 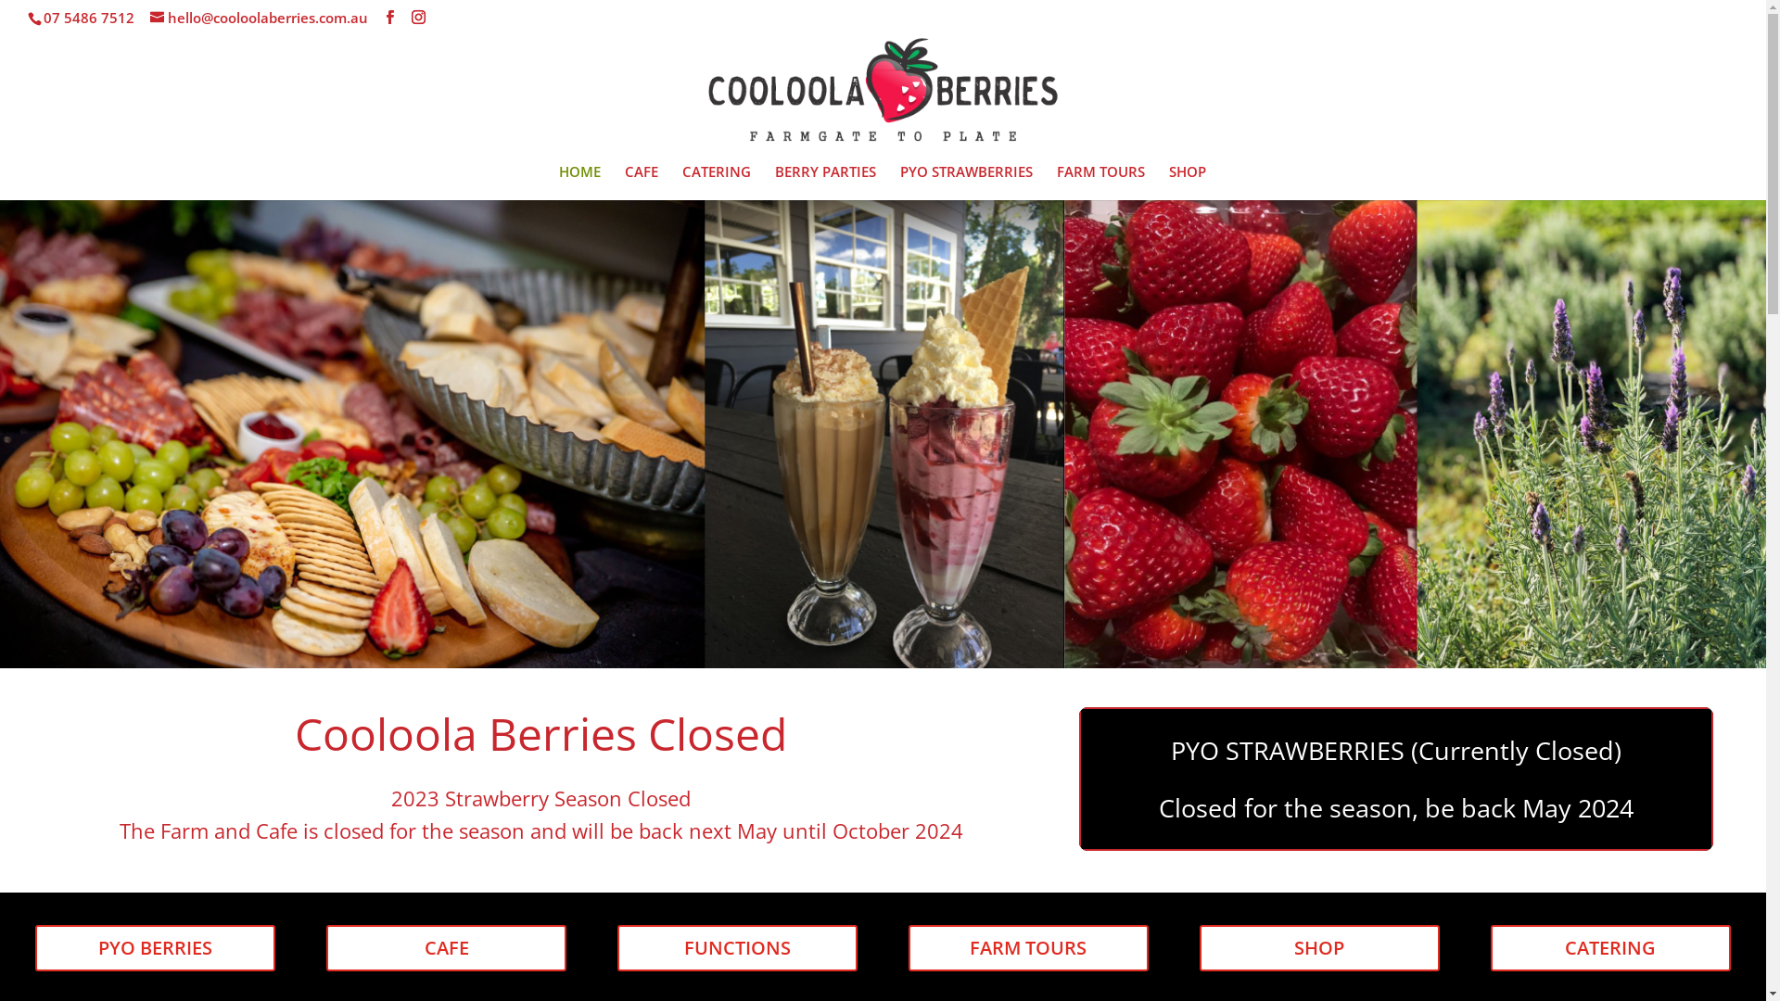 What do you see at coordinates (715, 182) in the screenshot?
I see `'CATERING'` at bounding box center [715, 182].